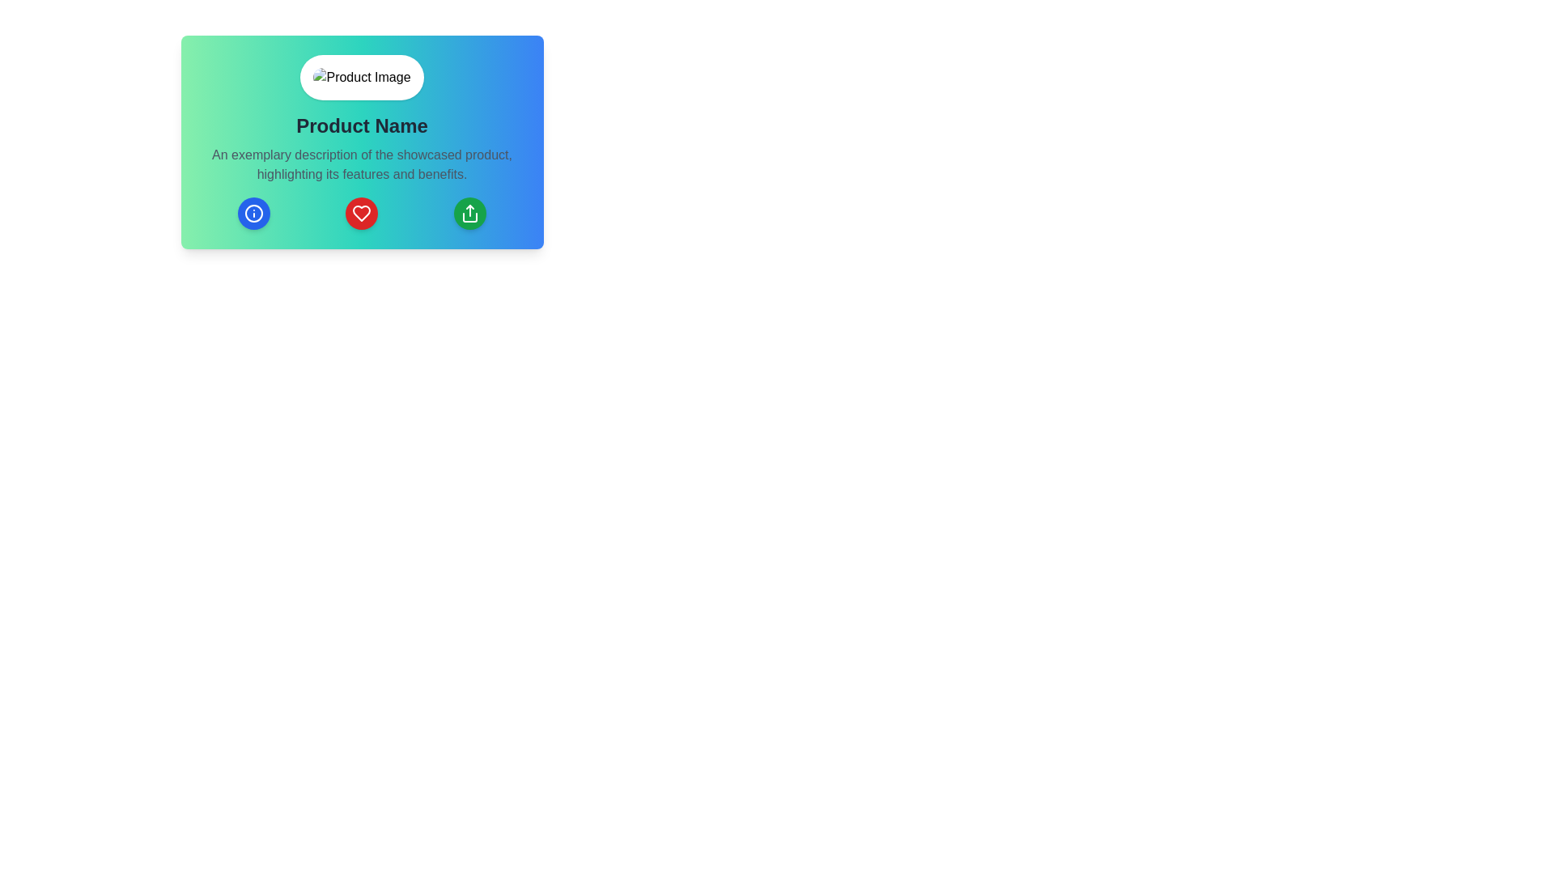 This screenshot has height=874, width=1554. What do you see at coordinates (361, 212) in the screenshot?
I see `the second interactive button in the horizontally aligned group to like or favorite the product` at bounding box center [361, 212].